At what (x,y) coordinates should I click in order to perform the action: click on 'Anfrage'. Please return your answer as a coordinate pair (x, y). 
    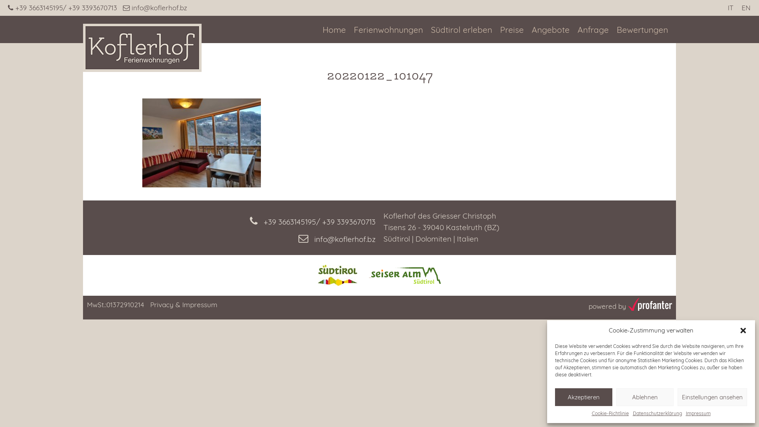
    Looking at the image, I should click on (577, 30).